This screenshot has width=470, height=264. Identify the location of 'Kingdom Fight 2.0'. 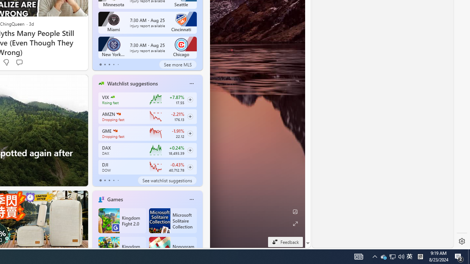
(122, 220).